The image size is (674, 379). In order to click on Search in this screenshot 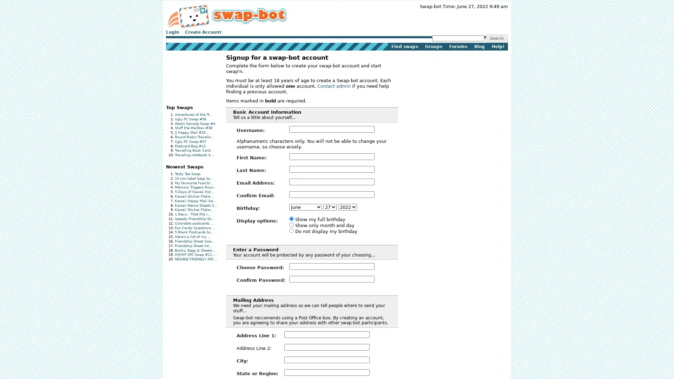, I will do `click(496, 38)`.